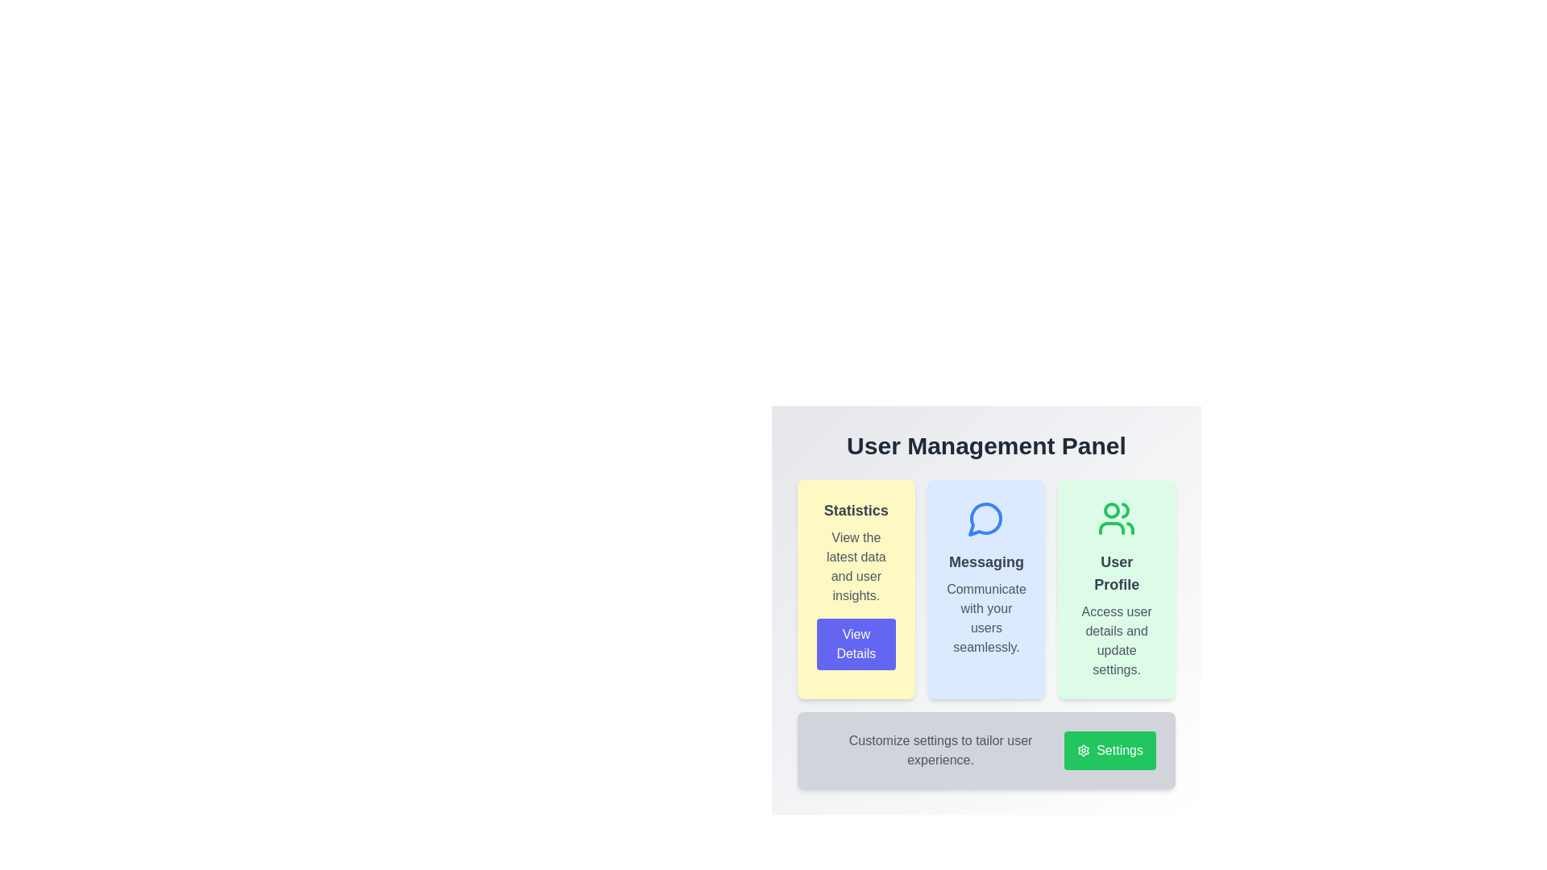  I want to click on the gear-shaped icon within the green 'Settings' button, used for accessing the configuration panel, for accessibility purposes, so click(1084, 751).